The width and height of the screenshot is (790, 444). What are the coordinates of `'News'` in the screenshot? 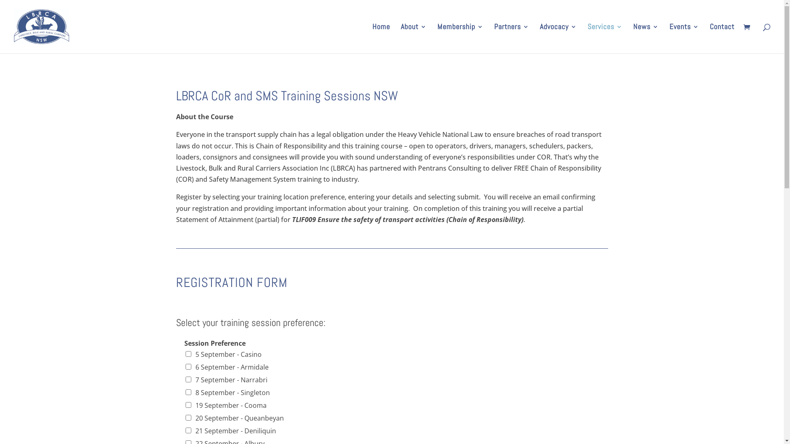 It's located at (645, 38).